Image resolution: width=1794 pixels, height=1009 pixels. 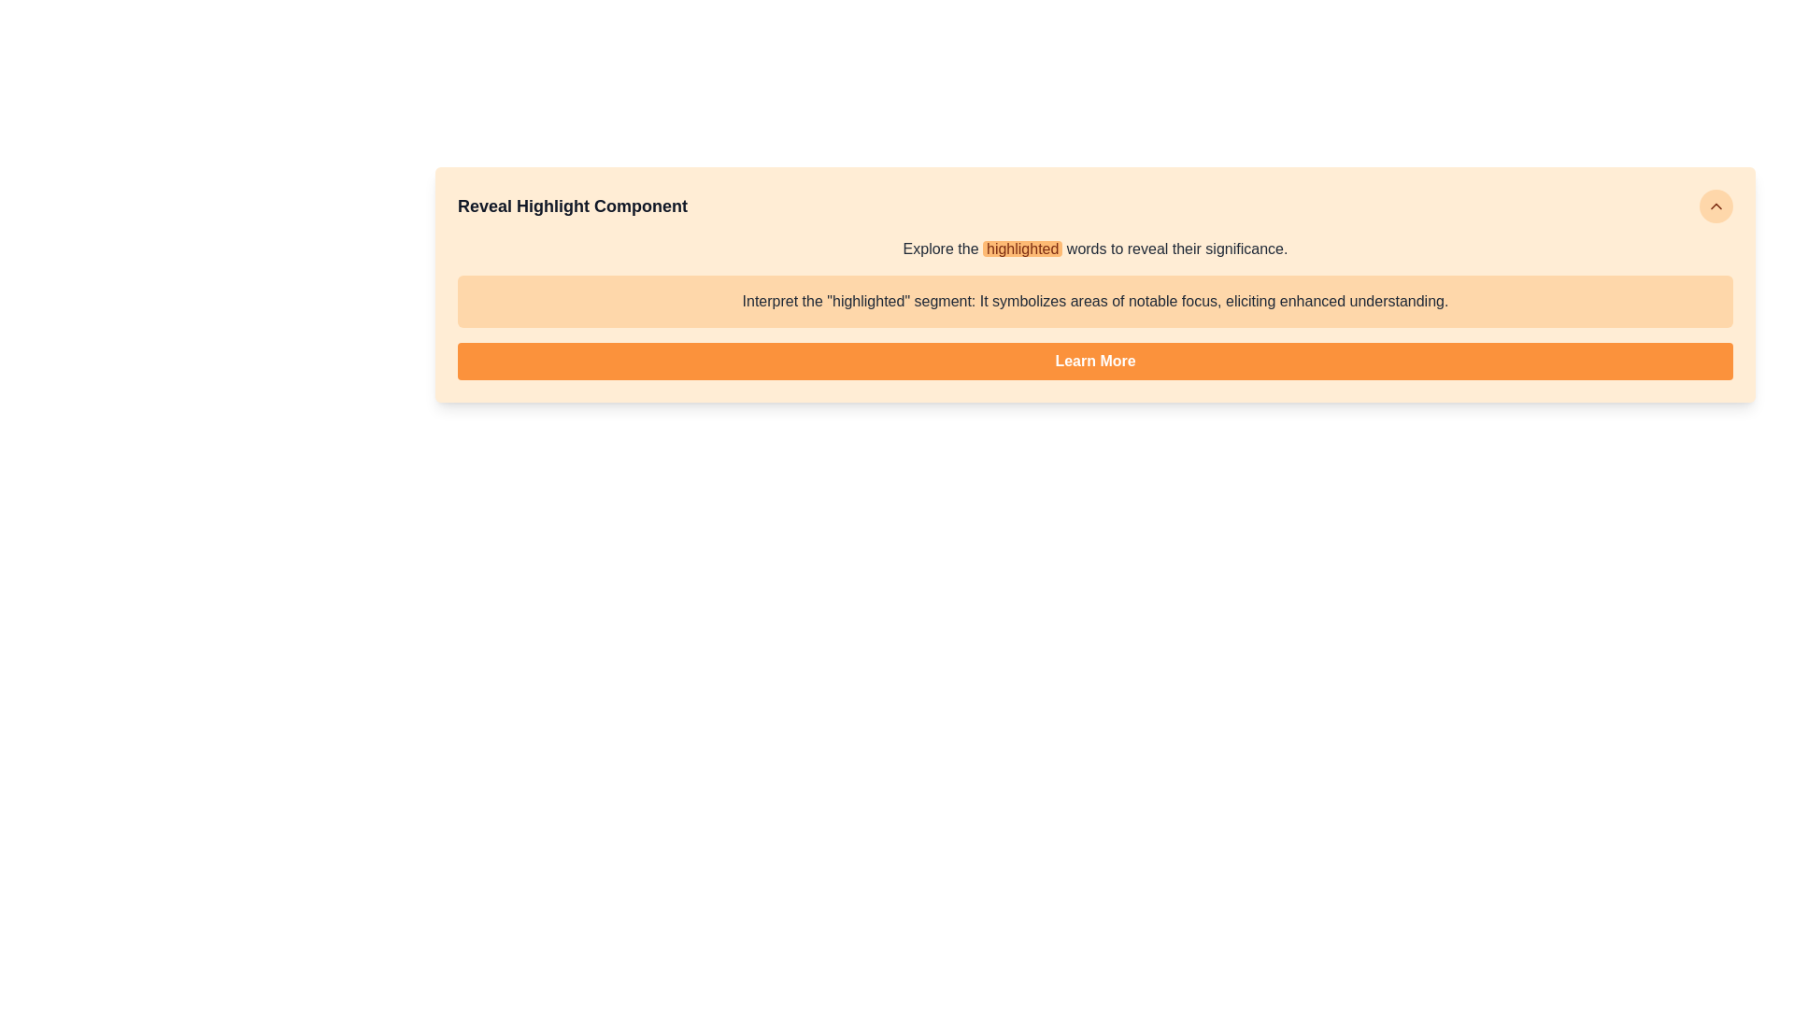 I want to click on the upwards-pointing chevron icon located in the top-right corner of the orange-highlighted section, so click(x=1716, y=206).